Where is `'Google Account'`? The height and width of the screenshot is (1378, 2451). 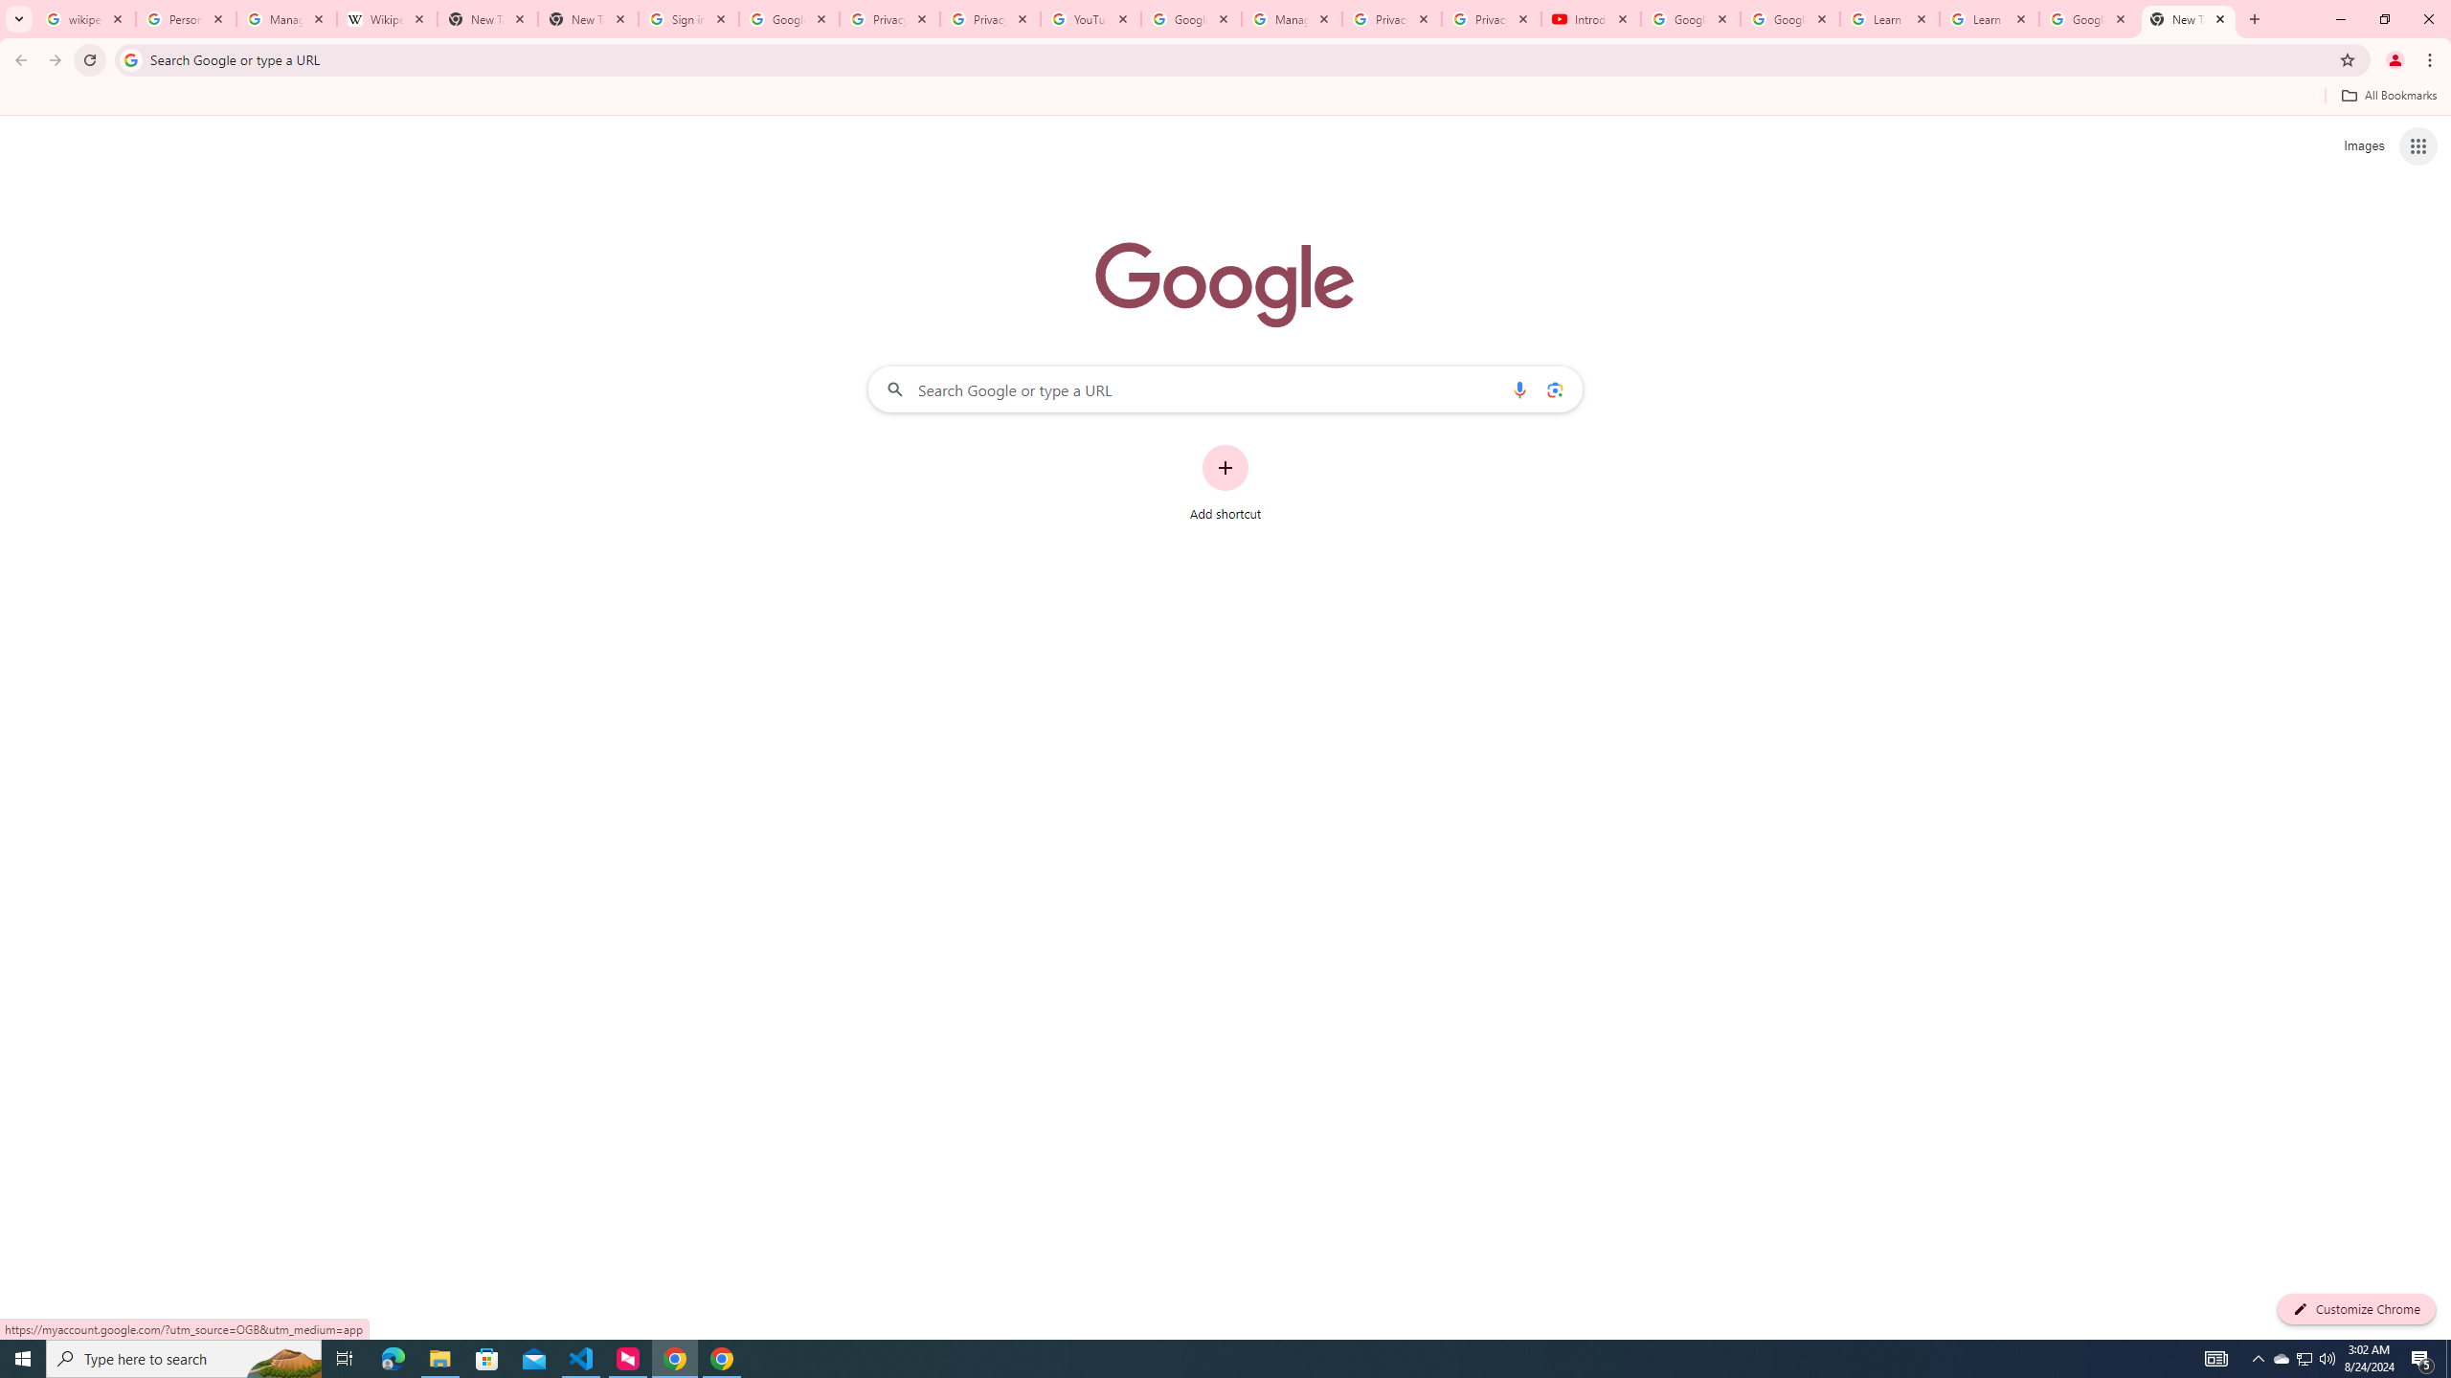 'Google Account' is located at coordinates (2088, 18).